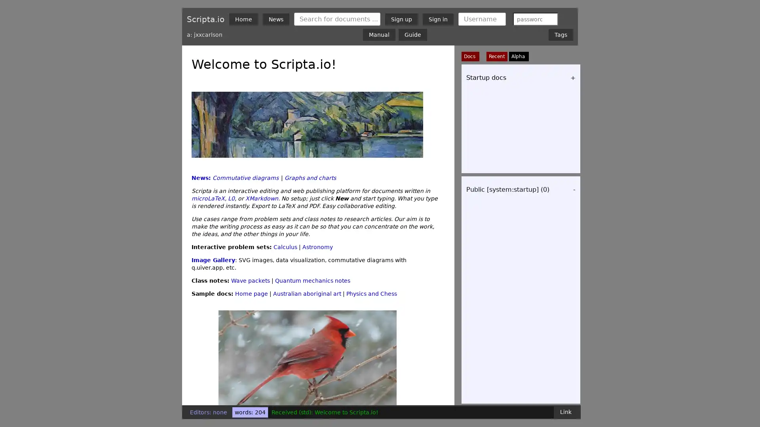 The image size is (760, 427). Describe the element at coordinates (243, 18) in the screenshot. I see `Home` at that location.